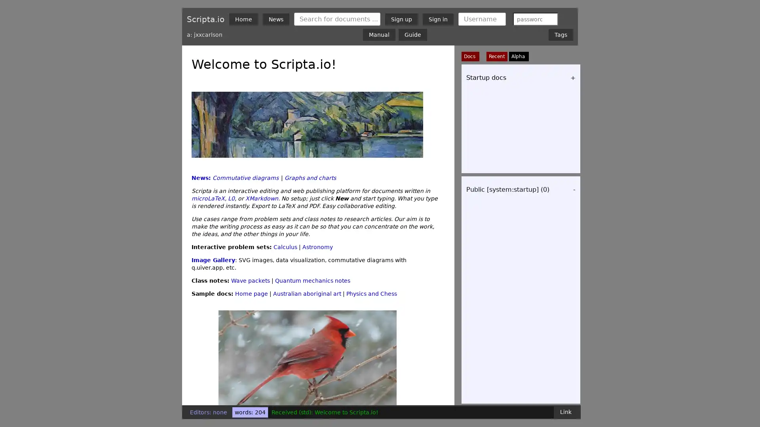 The image size is (760, 427). Describe the element at coordinates (243, 18) in the screenshot. I see `Home` at that location.